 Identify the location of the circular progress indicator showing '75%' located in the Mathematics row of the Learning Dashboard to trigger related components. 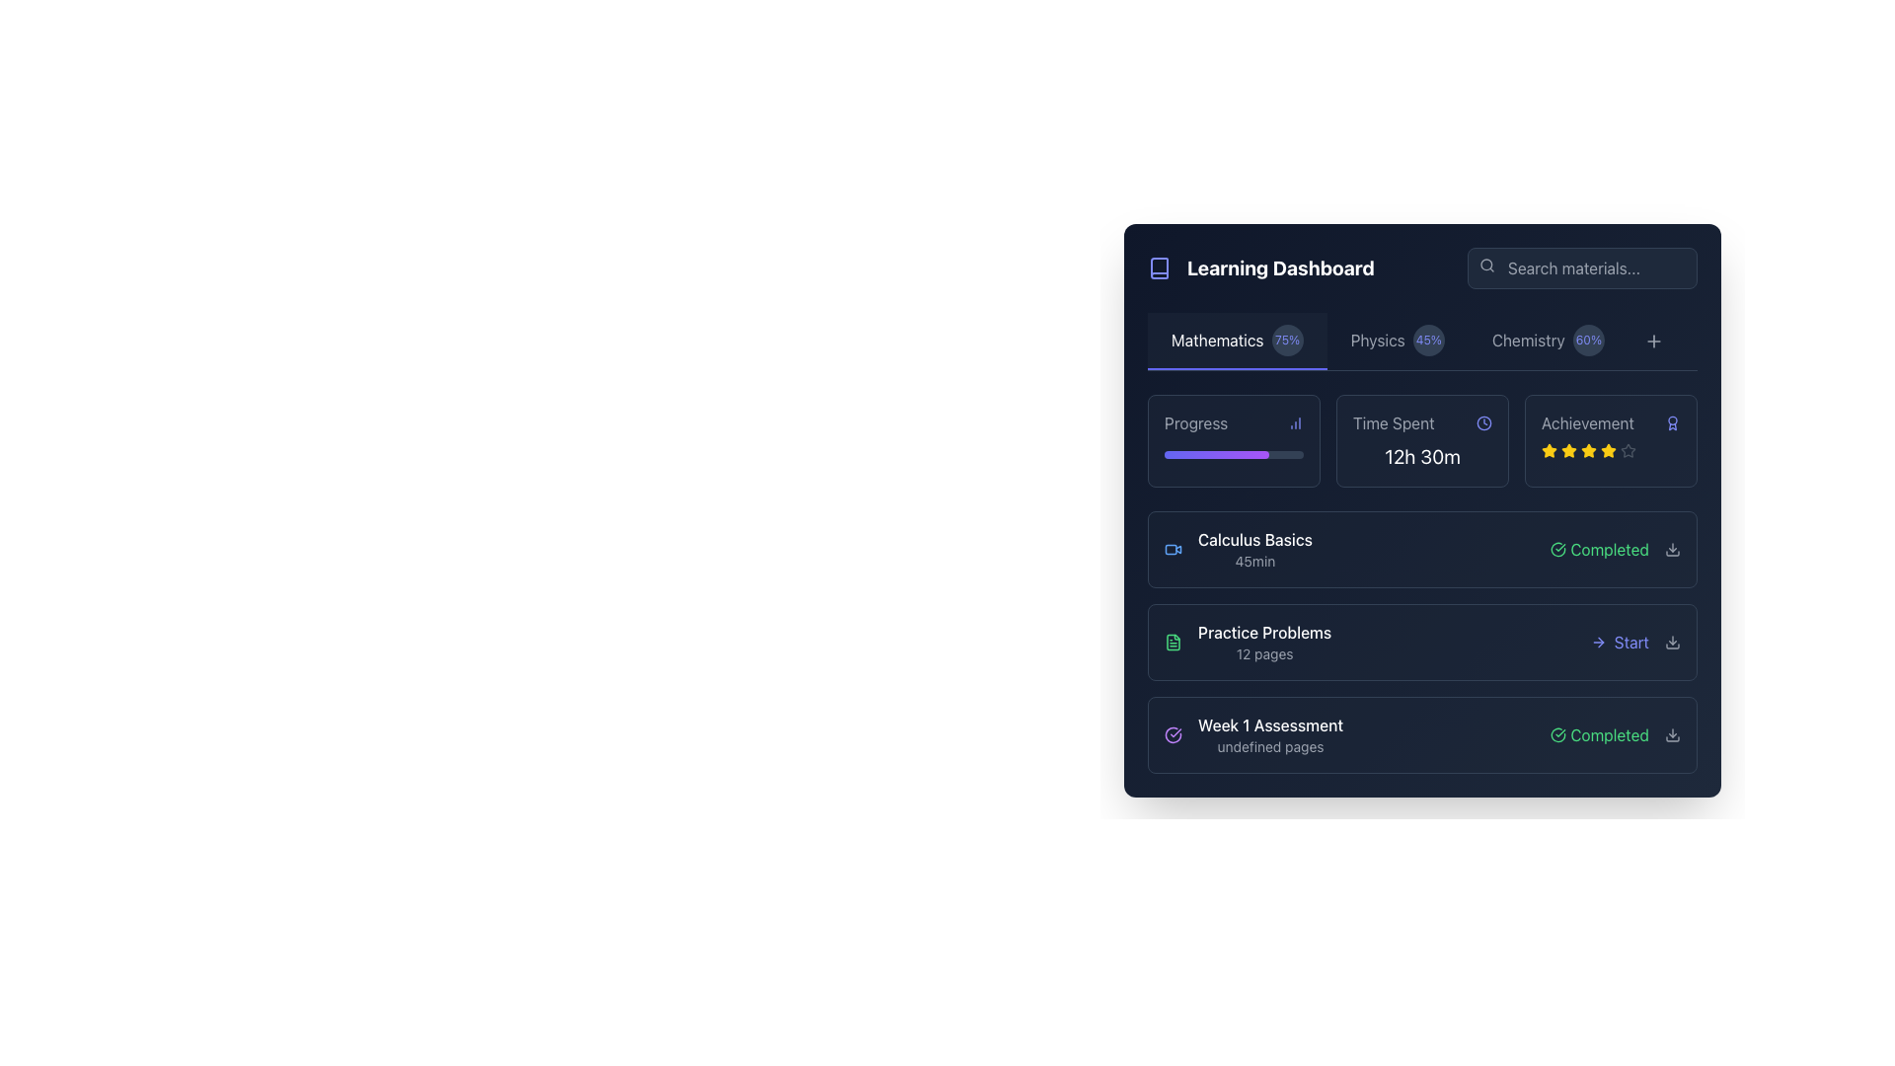
(1287, 339).